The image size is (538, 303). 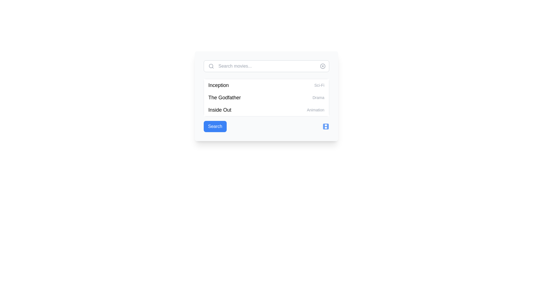 What do you see at coordinates (326, 127) in the screenshot?
I see `the central rectangle within the SVG film reel icon, located at the bottom-right corner of the main interface box` at bounding box center [326, 127].